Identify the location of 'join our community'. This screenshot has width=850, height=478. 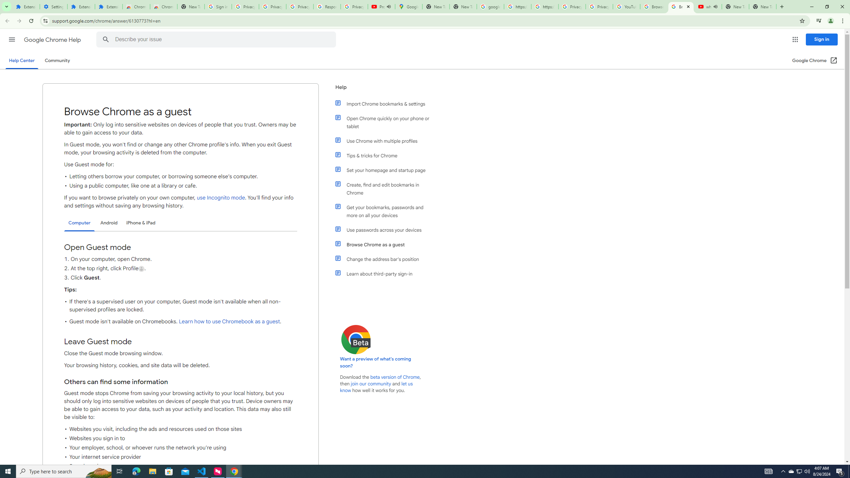
(371, 384).